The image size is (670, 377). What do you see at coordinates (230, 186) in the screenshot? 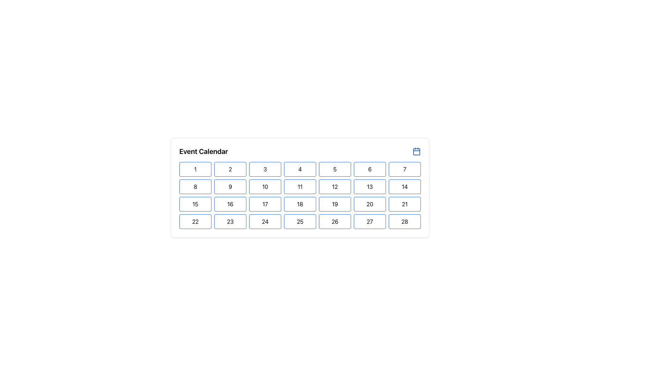
I see `the rectangular button with rounded corners and a thin blue border that has the number '9' centered inside` at bounding box center [230, 186].